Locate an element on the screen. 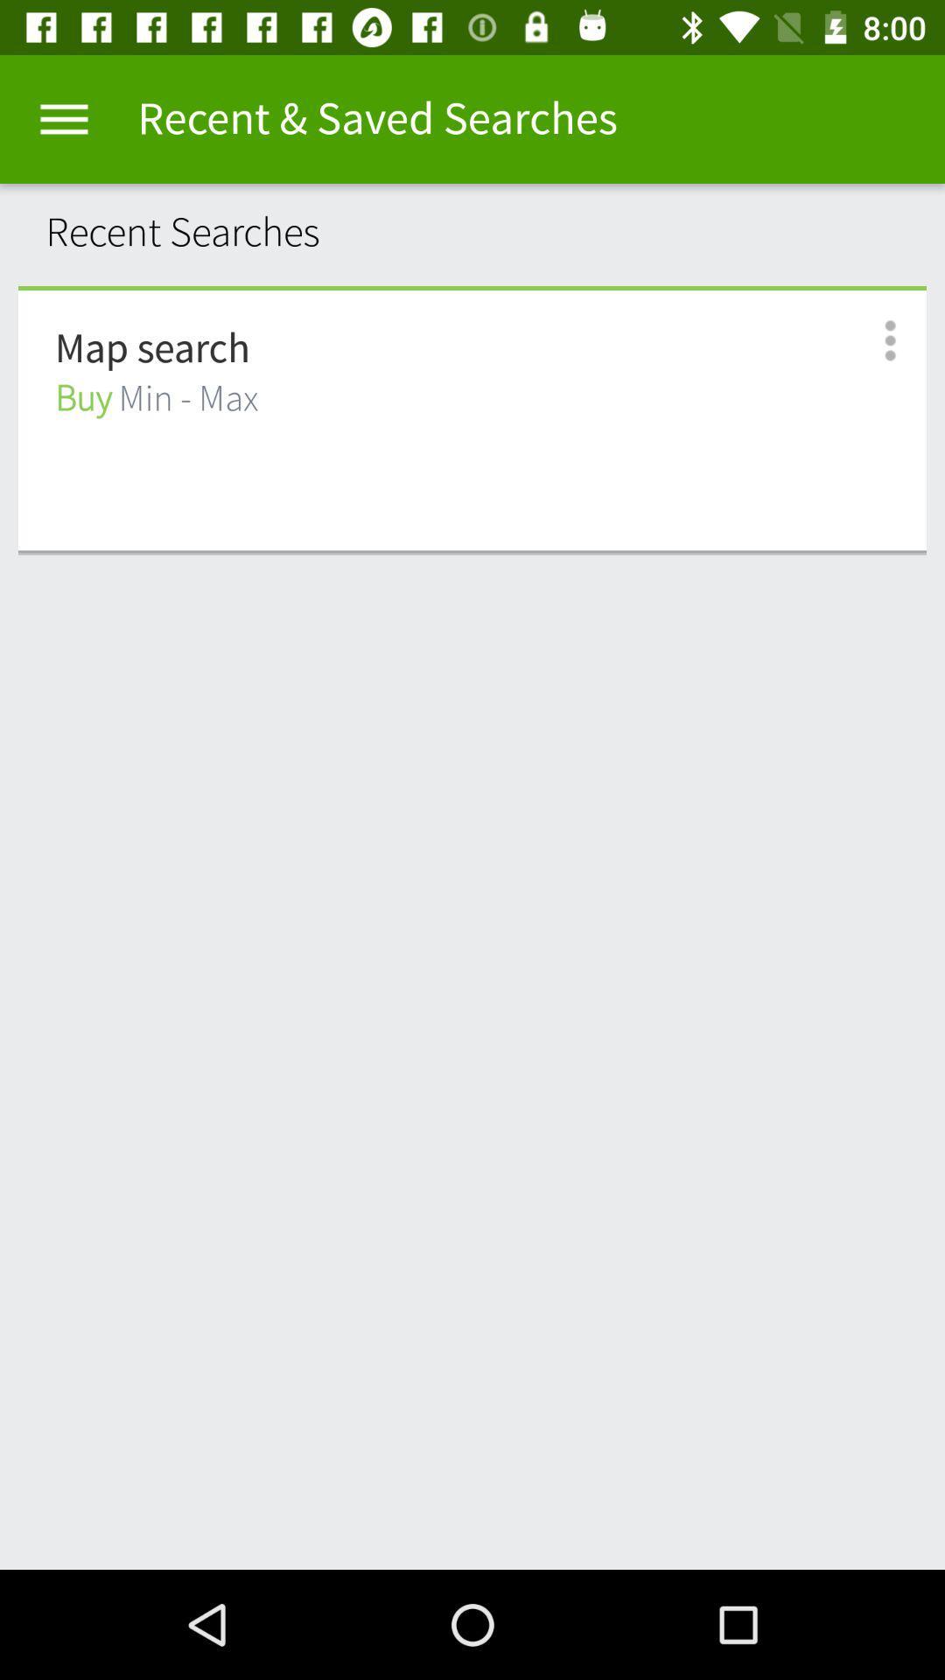 The height and width of the screenshot is (1680, 945). the icon to the left of recent & saved searches is located at coordinates (63, 118).